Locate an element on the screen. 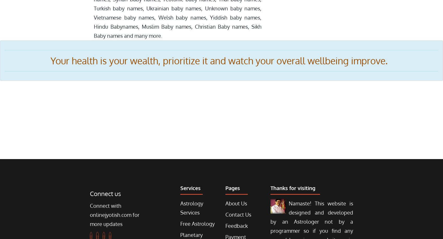  'Connect with onlinejyotish.com for more updates' is located at coordinates (114, 215).